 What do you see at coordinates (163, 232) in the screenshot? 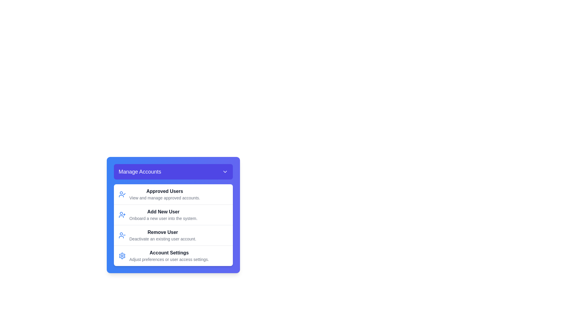
I see `the bold text label displaying 'Remove User' in the middle-right region of the 'Manage Accounts' panel` at bounding box center [163, 232].